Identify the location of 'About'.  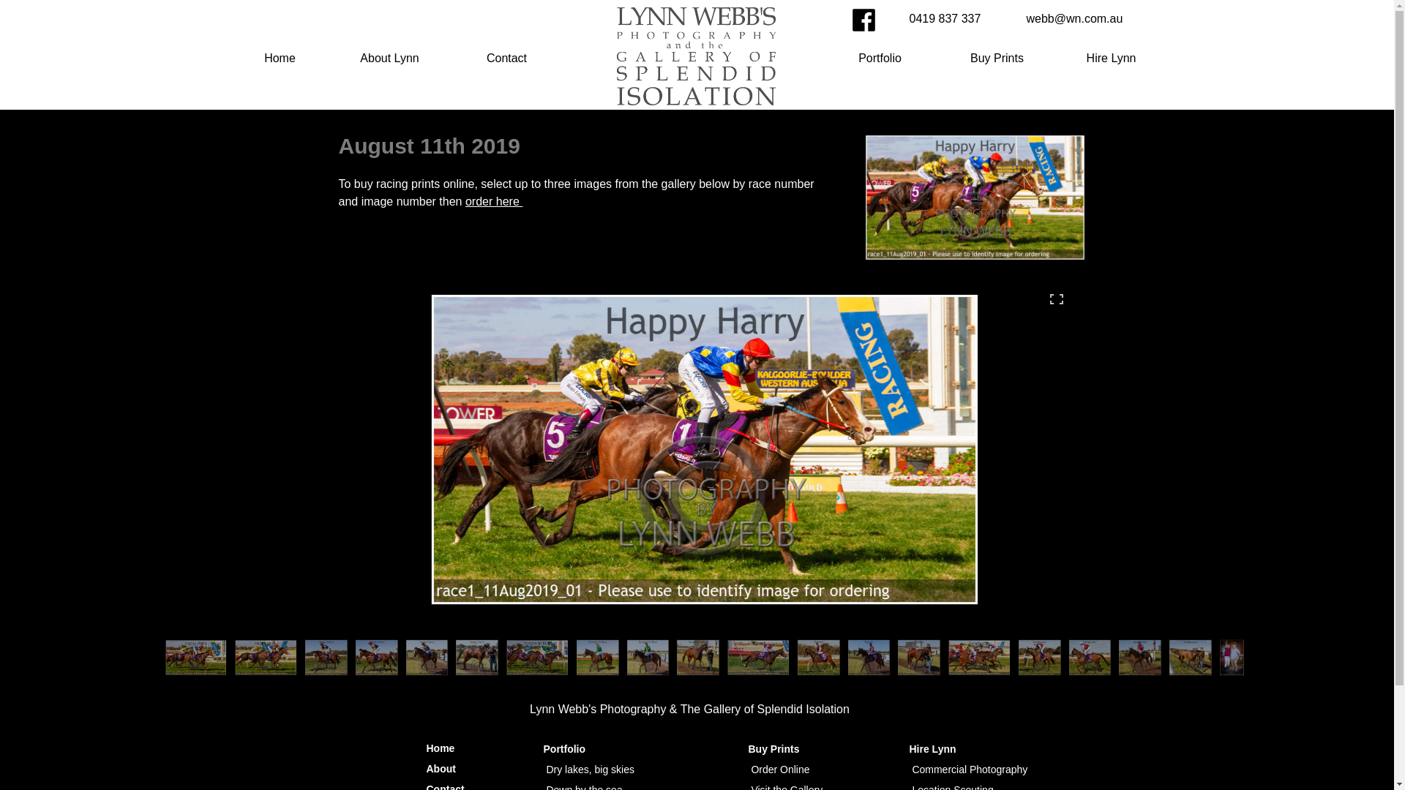
(439, 767).